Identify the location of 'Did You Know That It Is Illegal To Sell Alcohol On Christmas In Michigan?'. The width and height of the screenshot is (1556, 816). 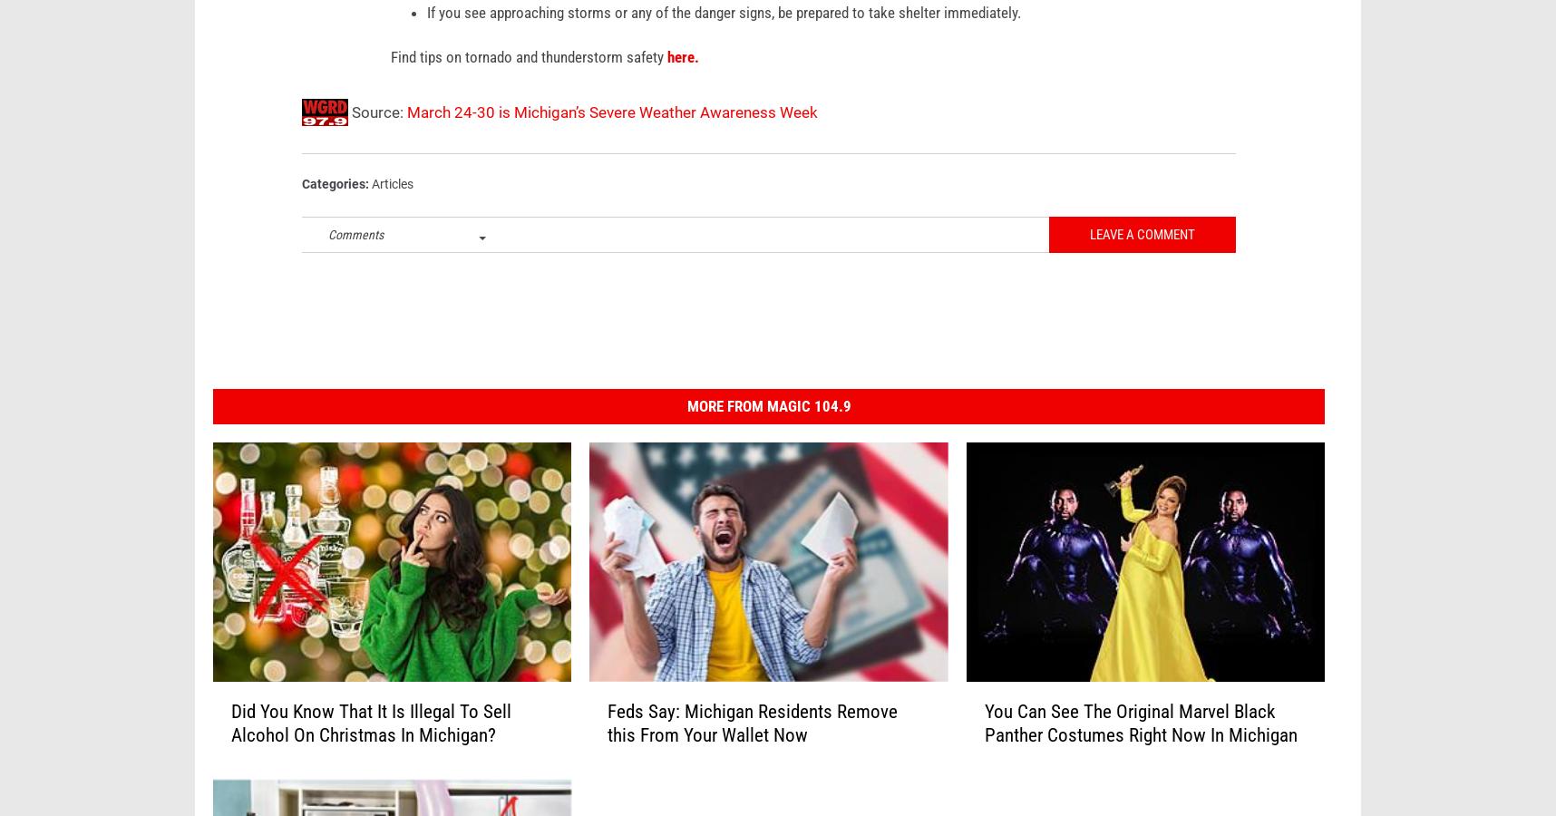
(371, 751).